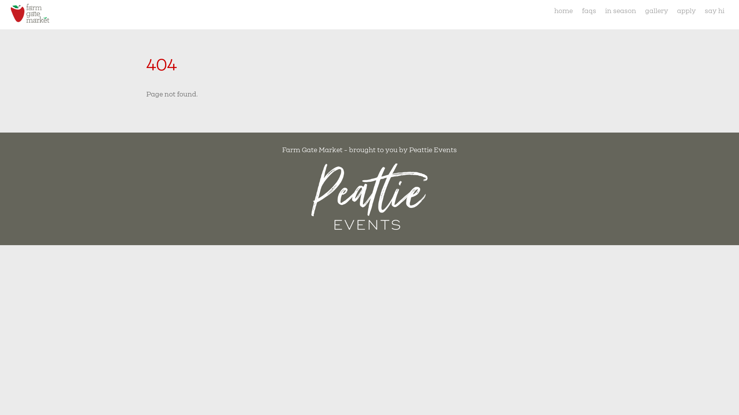 The image size is (739, 415). Describe the element at coordinates (714, 10) in the screenshot. I see `'say hi'` at that location.